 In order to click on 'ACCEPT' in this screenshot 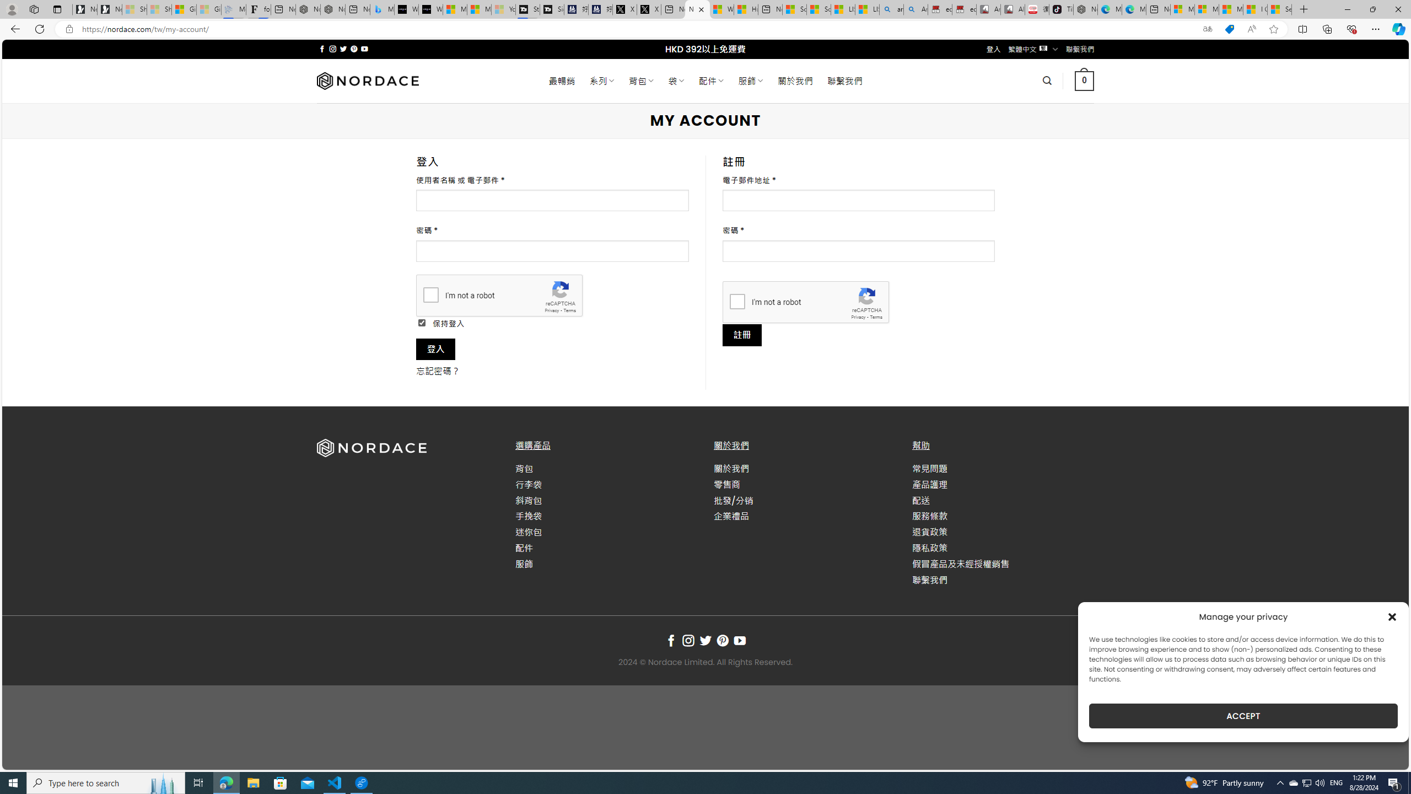, I will do `click(1243, 716)`.